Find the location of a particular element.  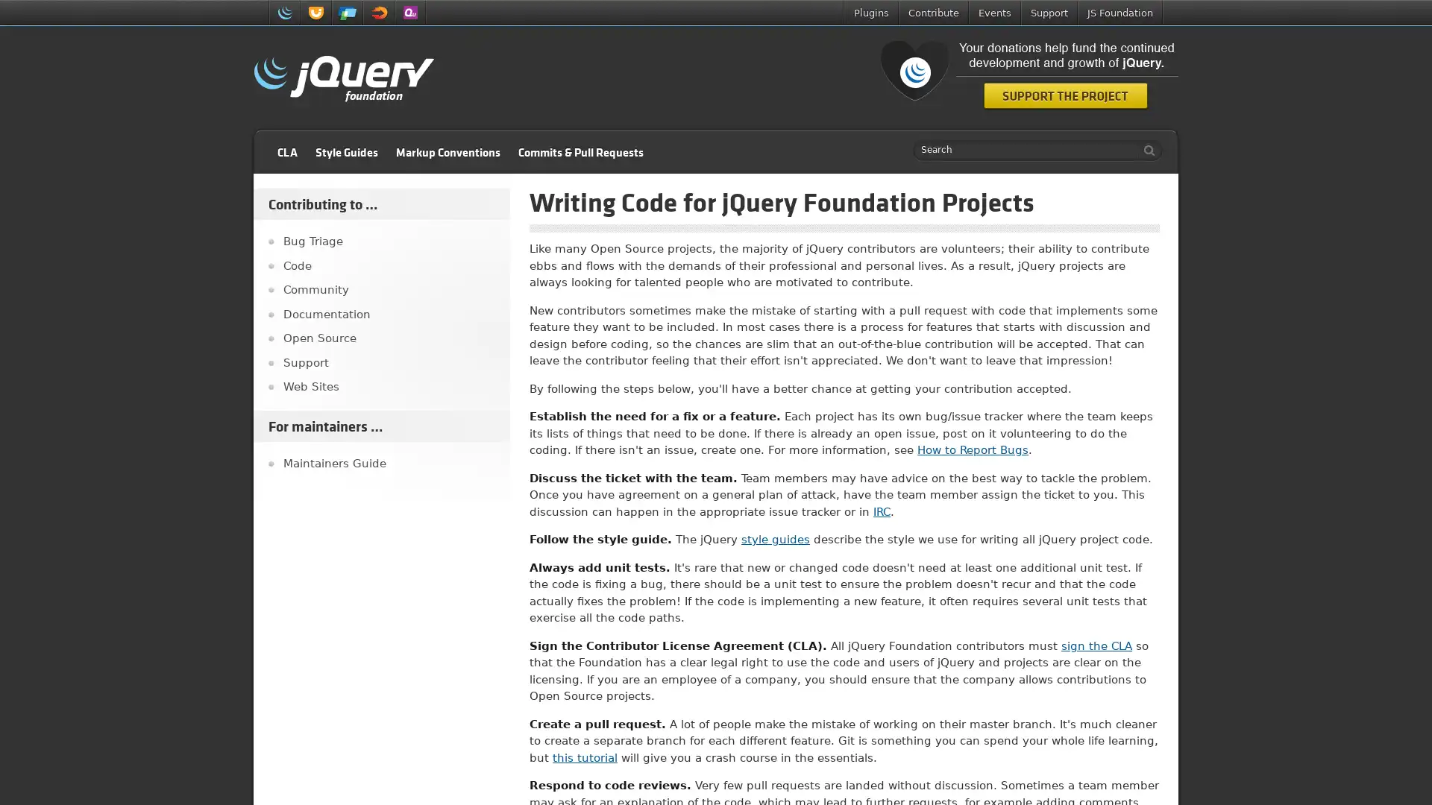

search is located at coordinates (1145, 150).